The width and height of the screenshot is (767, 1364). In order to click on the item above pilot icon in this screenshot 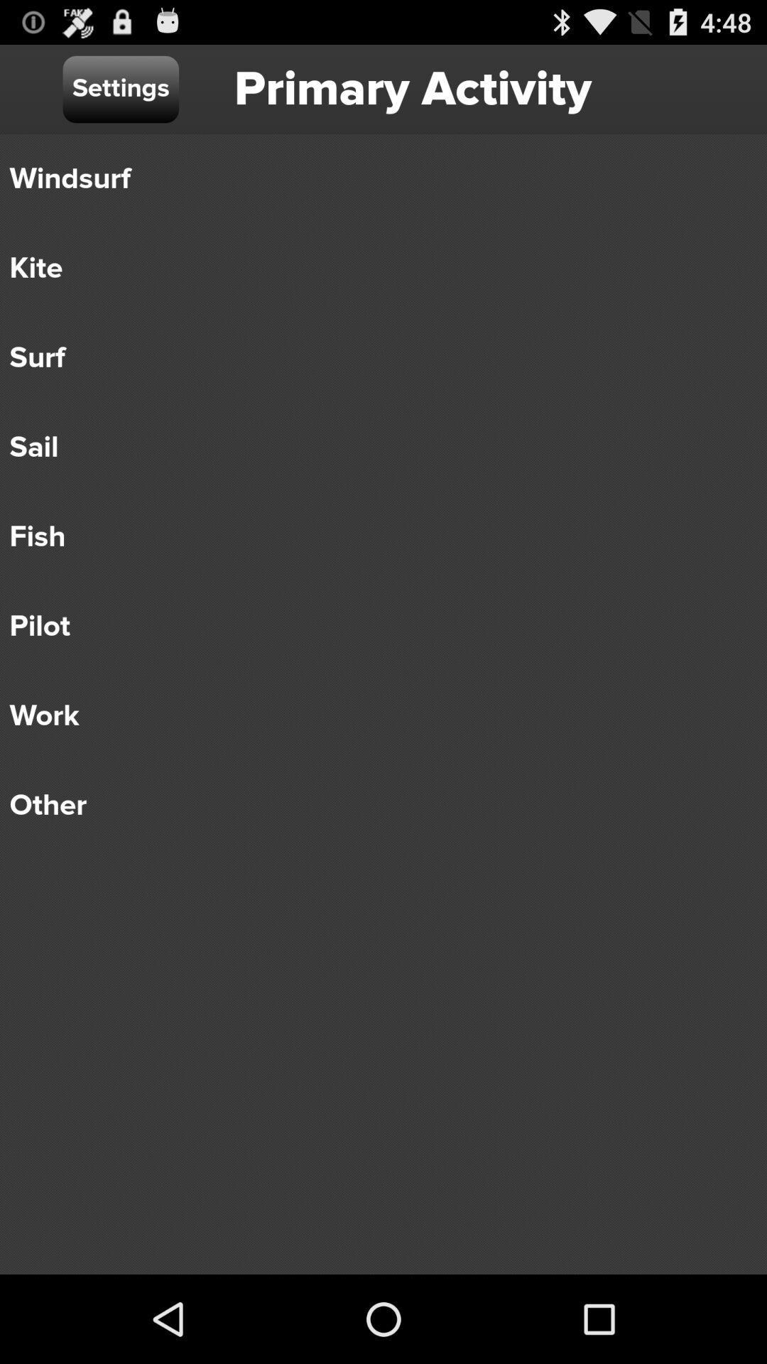, I will do `click(373, 536)`.